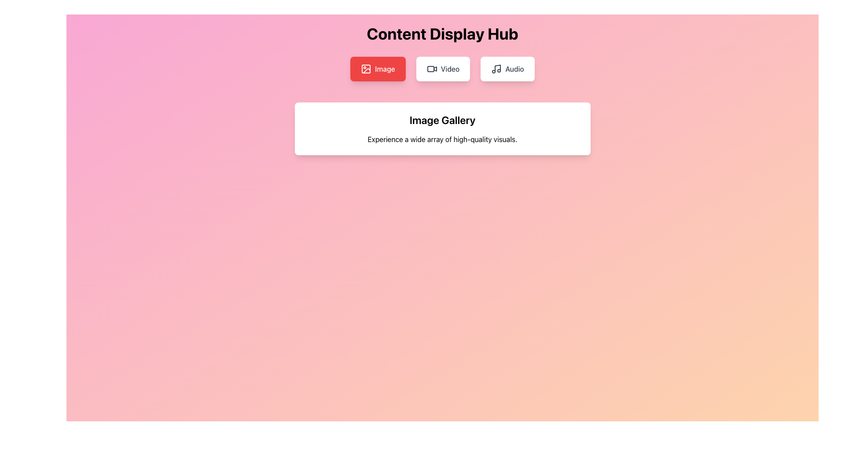 The image size is (845, 475). What do you see at coordinates (366, 69) in the screenshot?
I see `the 'Image' SVG Icon located on the leftmost side of the horizontal button group below the 'Content Display Hub' heading` at bounding box center [366, 69].